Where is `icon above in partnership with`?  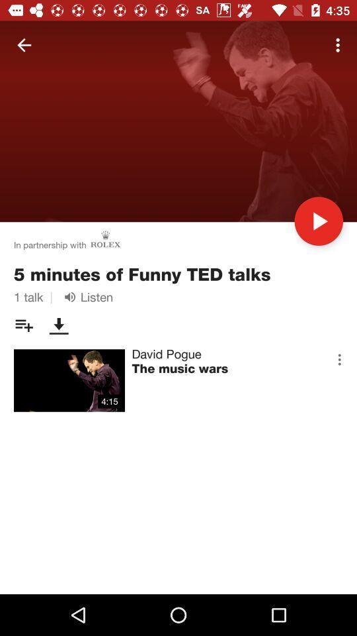
icon above in partnership with is located at coordinates (24, 45).